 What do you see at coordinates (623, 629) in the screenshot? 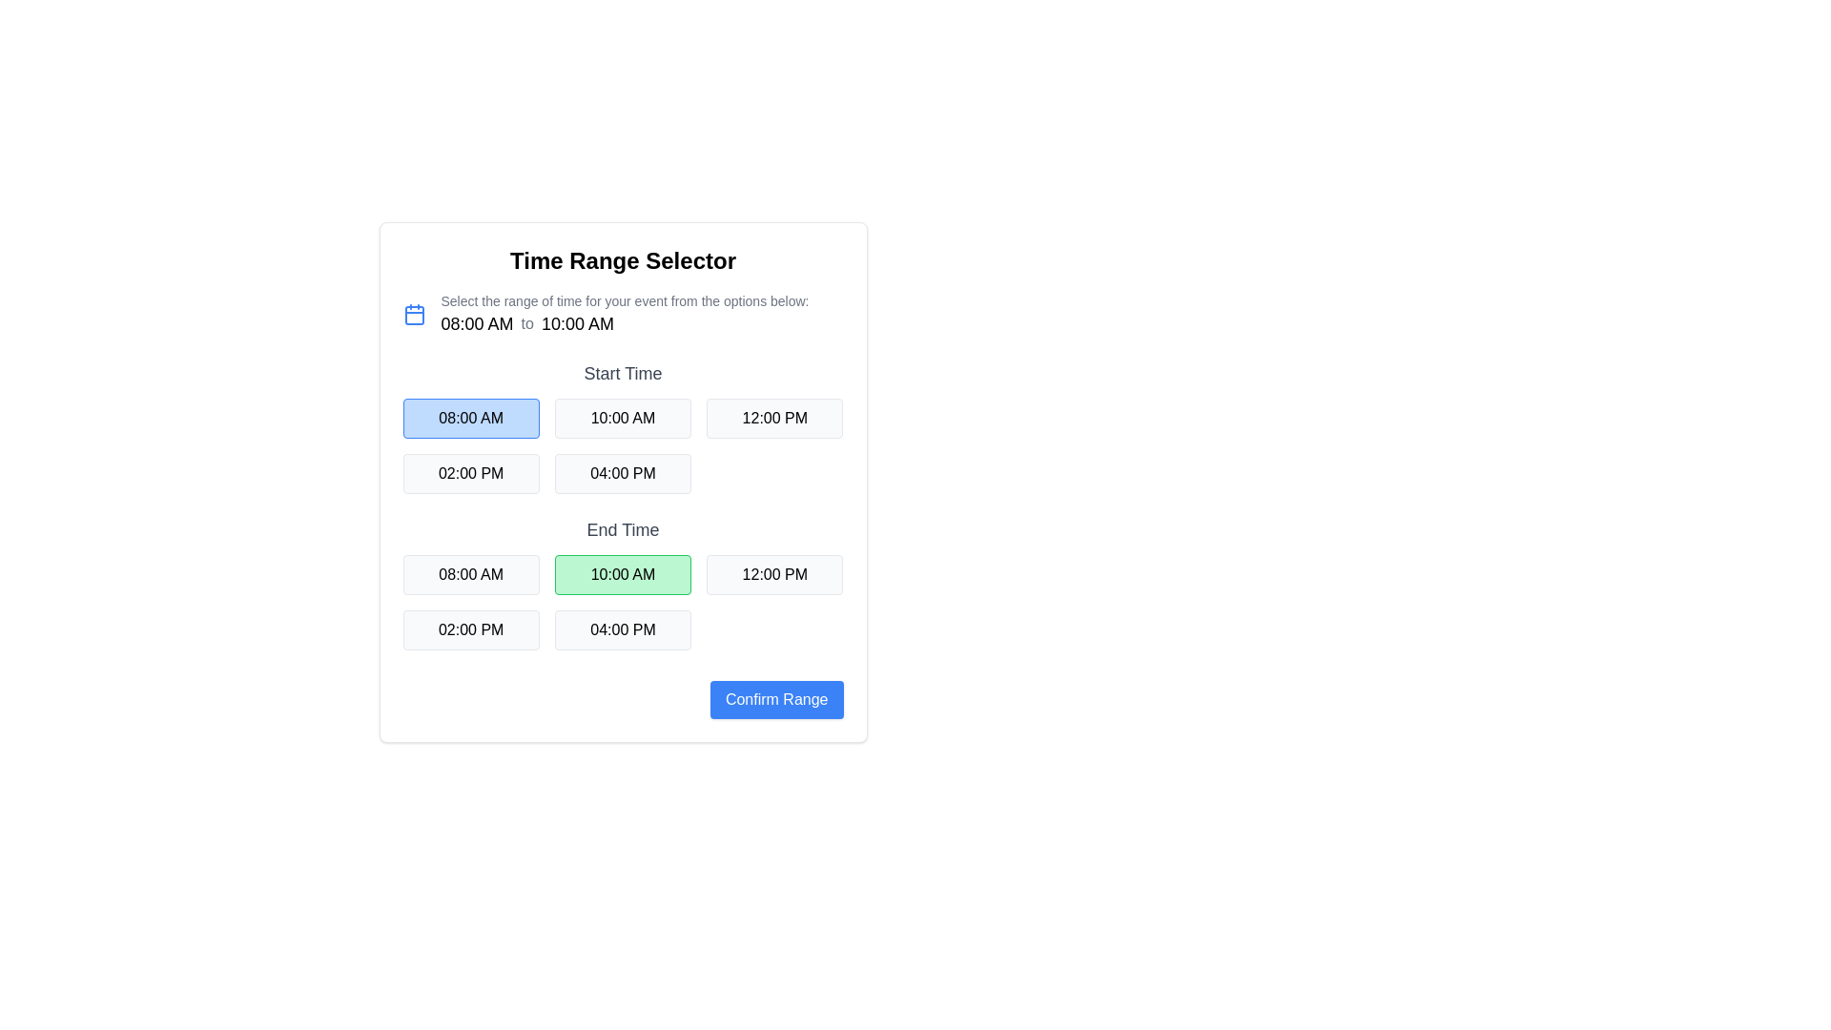
I see `the '04:00 PM' button with a light gray background and rounded corners for keyboard navigation` at bounding box center [623, 629].